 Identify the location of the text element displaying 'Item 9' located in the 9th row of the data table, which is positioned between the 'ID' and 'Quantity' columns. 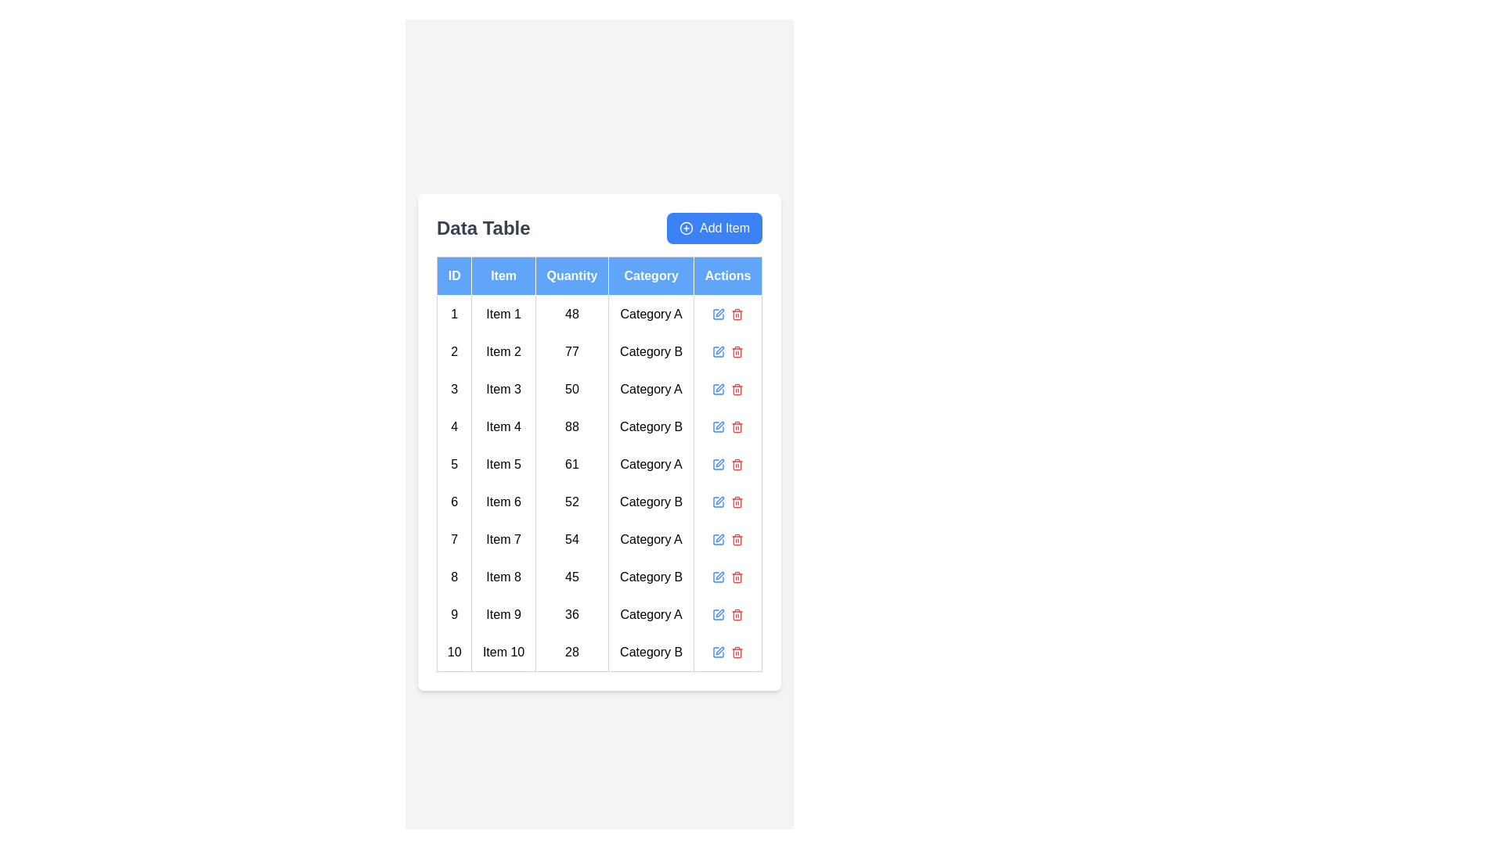
(503, 613).